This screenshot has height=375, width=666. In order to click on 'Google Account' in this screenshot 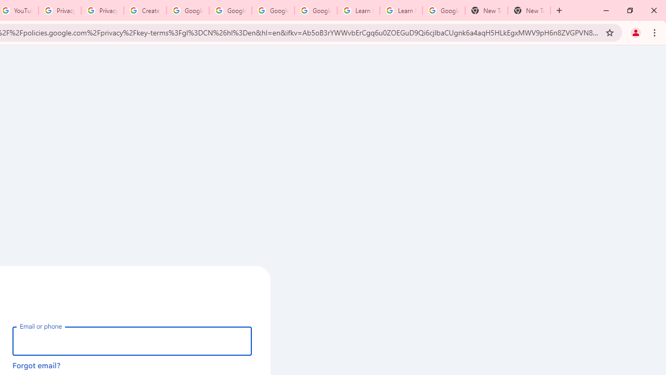, I will do `click(443, 10)`.